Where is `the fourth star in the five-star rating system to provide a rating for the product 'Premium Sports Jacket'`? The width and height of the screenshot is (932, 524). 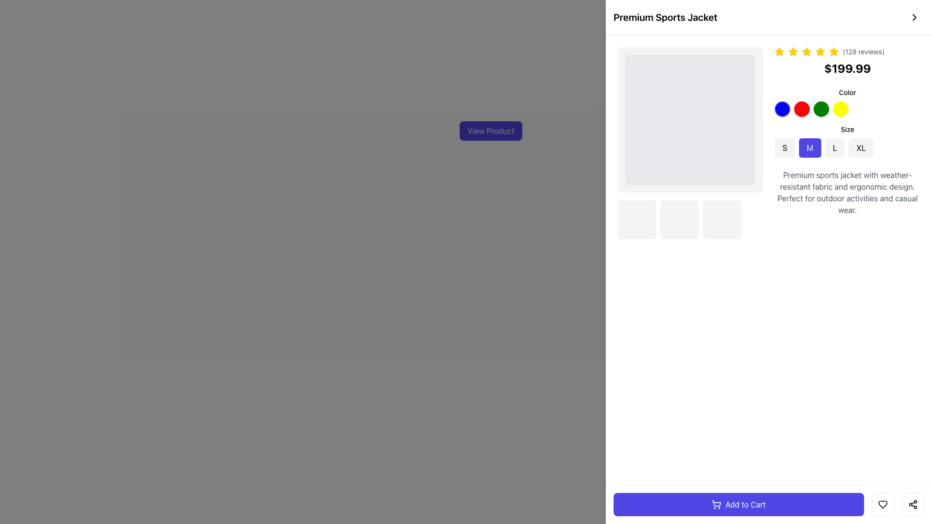
the fourth star in the five-star rating system to provide a rating for the product 'Premium Sports Jacket' is located at coordinates (806, 52).